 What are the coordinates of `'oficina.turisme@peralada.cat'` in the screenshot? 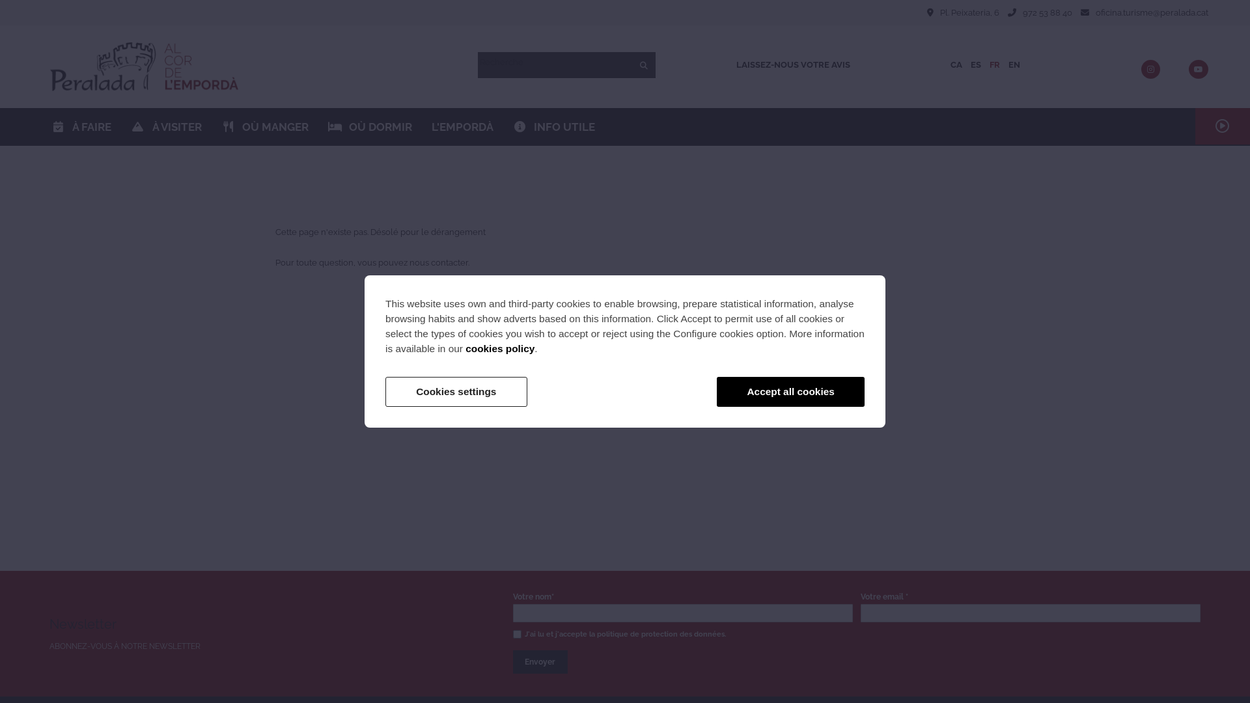 It's located at (1152, 12).